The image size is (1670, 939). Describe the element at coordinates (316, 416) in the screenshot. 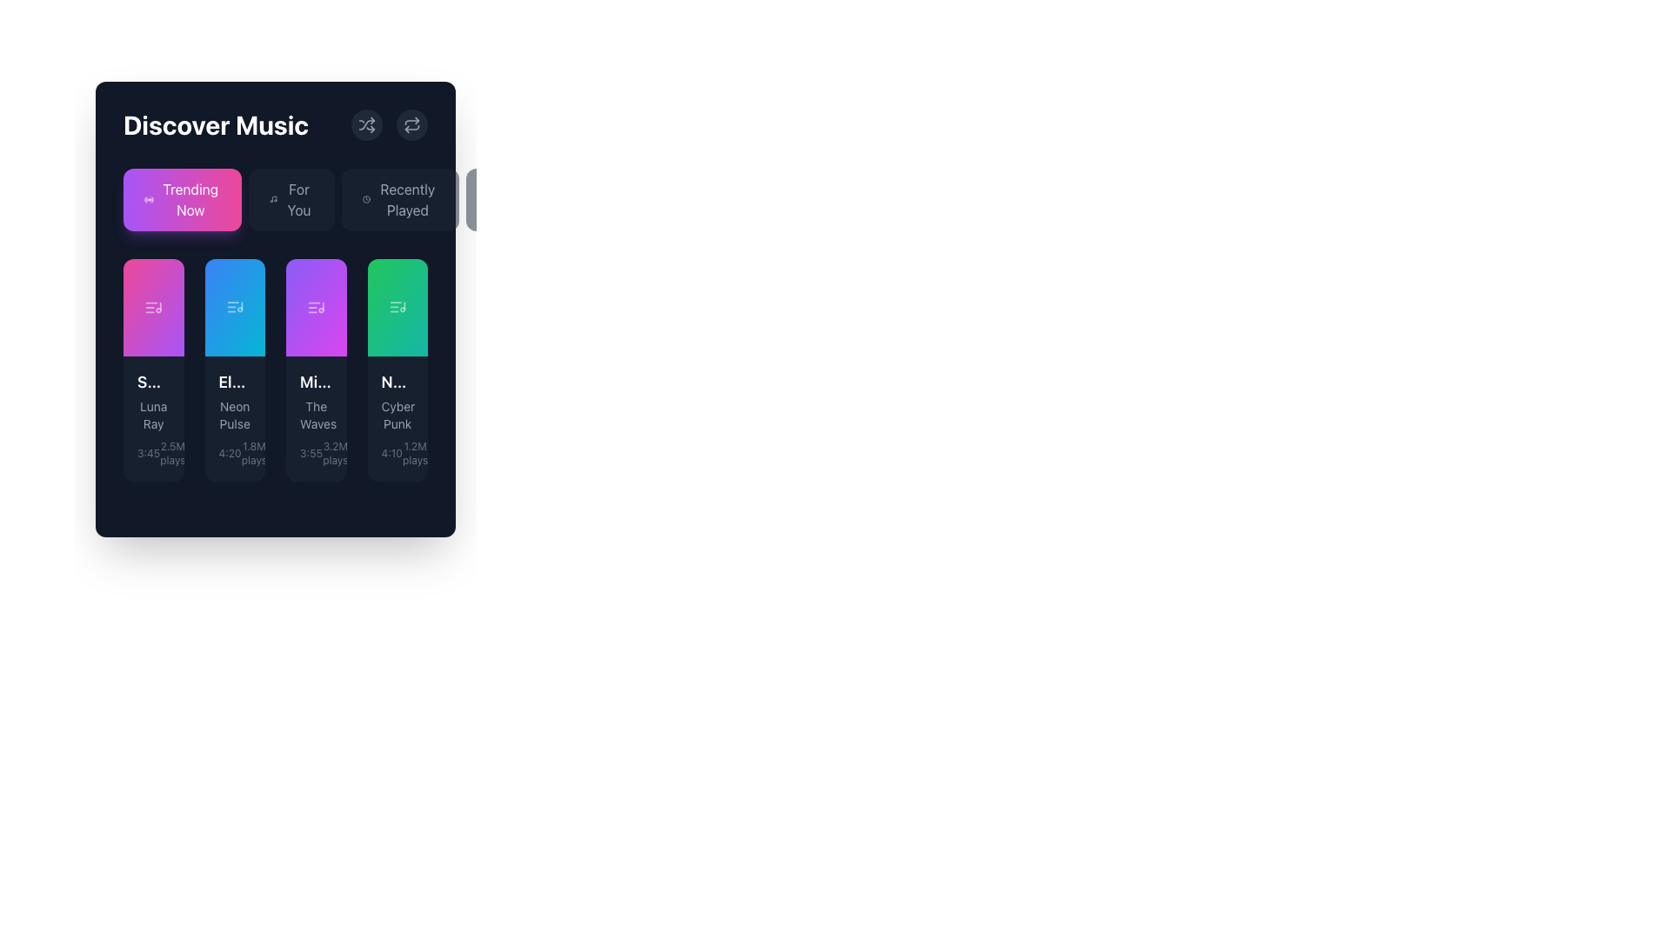

I see `the static text label displaying the subtitle 'The Waves', which provides additional information related to the song 'Midnight Drive'` at that location.